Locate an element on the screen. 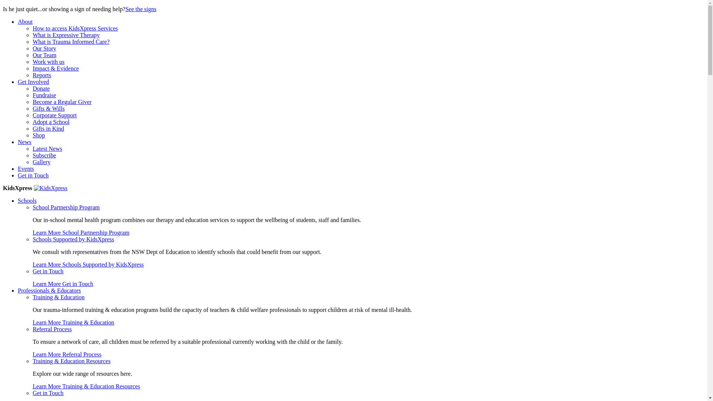  'Events' is located at coordinates (26, 169).